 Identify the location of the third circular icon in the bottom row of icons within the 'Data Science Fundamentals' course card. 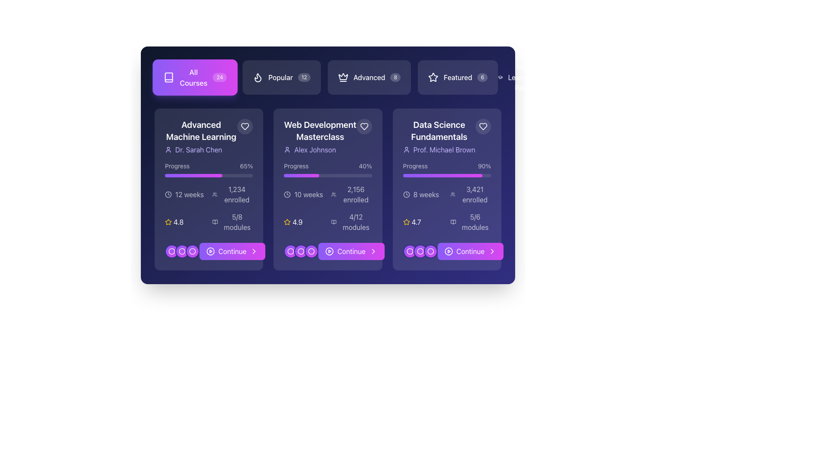
(420, 251).